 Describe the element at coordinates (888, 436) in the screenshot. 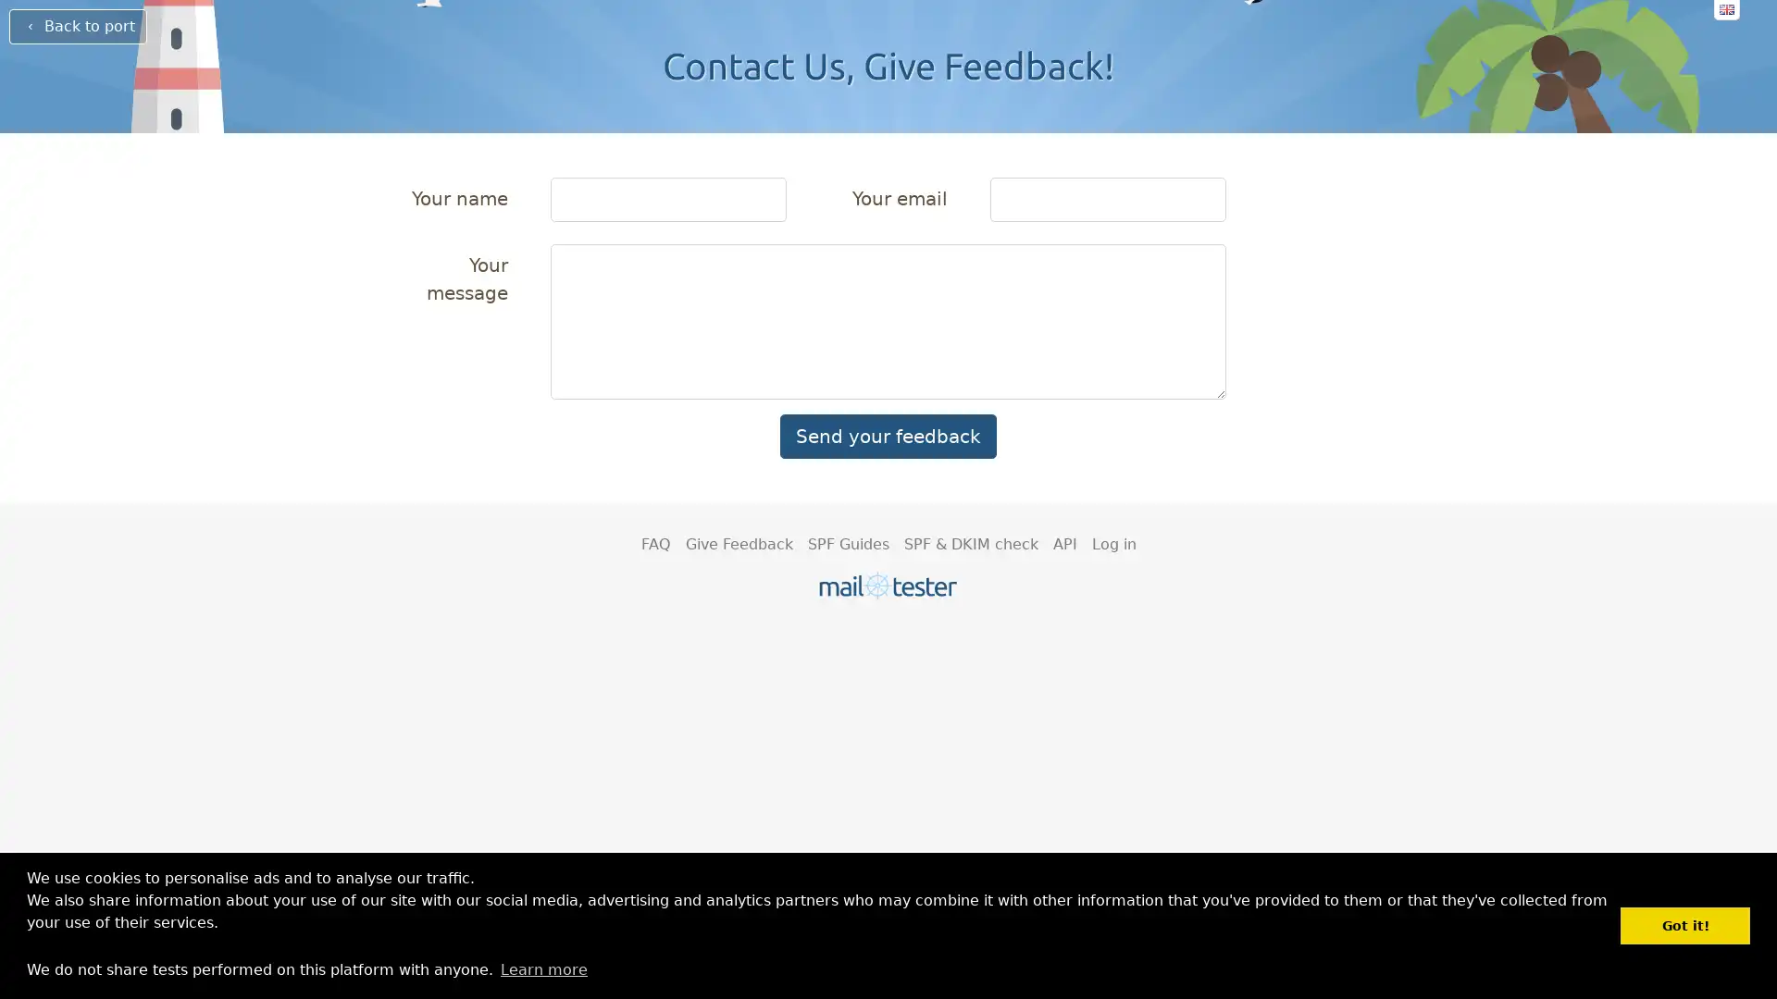

I see `Send your feedback` at that location.